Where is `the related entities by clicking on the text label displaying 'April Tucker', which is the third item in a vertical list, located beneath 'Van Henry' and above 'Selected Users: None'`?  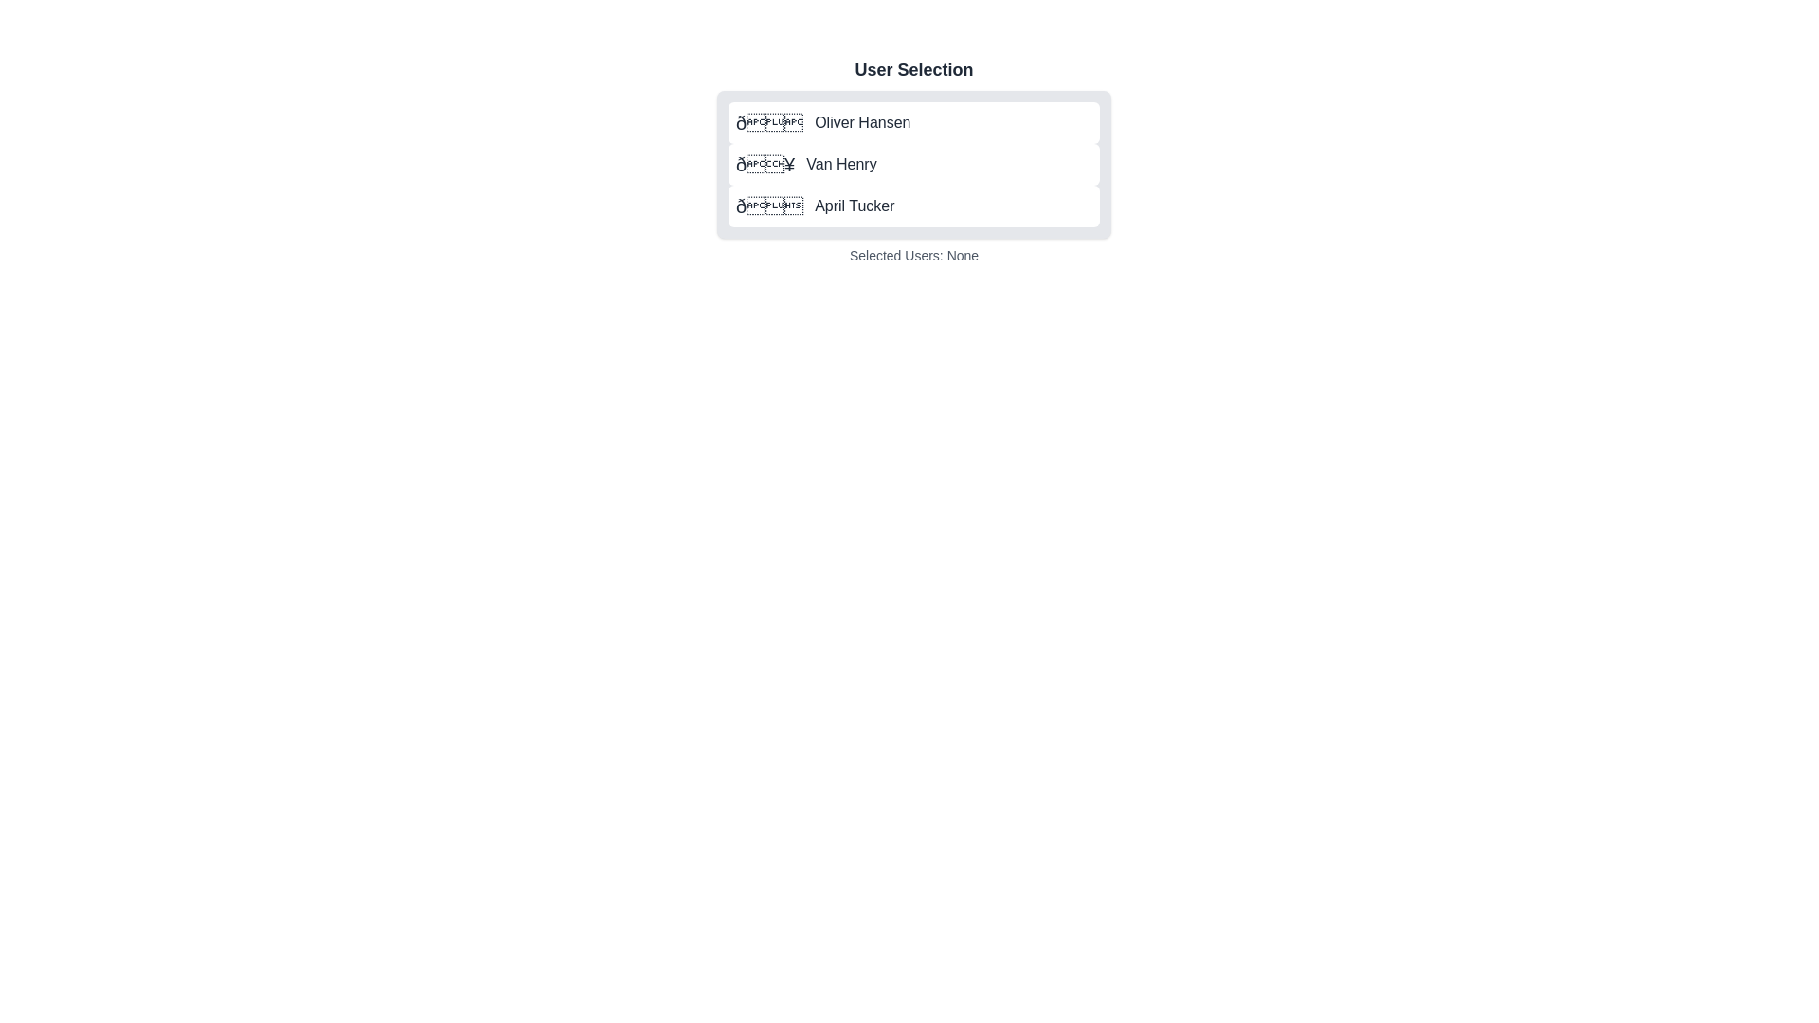 the related entities by clicking on the text label displaying 'April Tucker', which is the third item in a vertical list, located beneath 'Van Henry' and above 'Selected Users: None' is located at coordinates (854, 206).